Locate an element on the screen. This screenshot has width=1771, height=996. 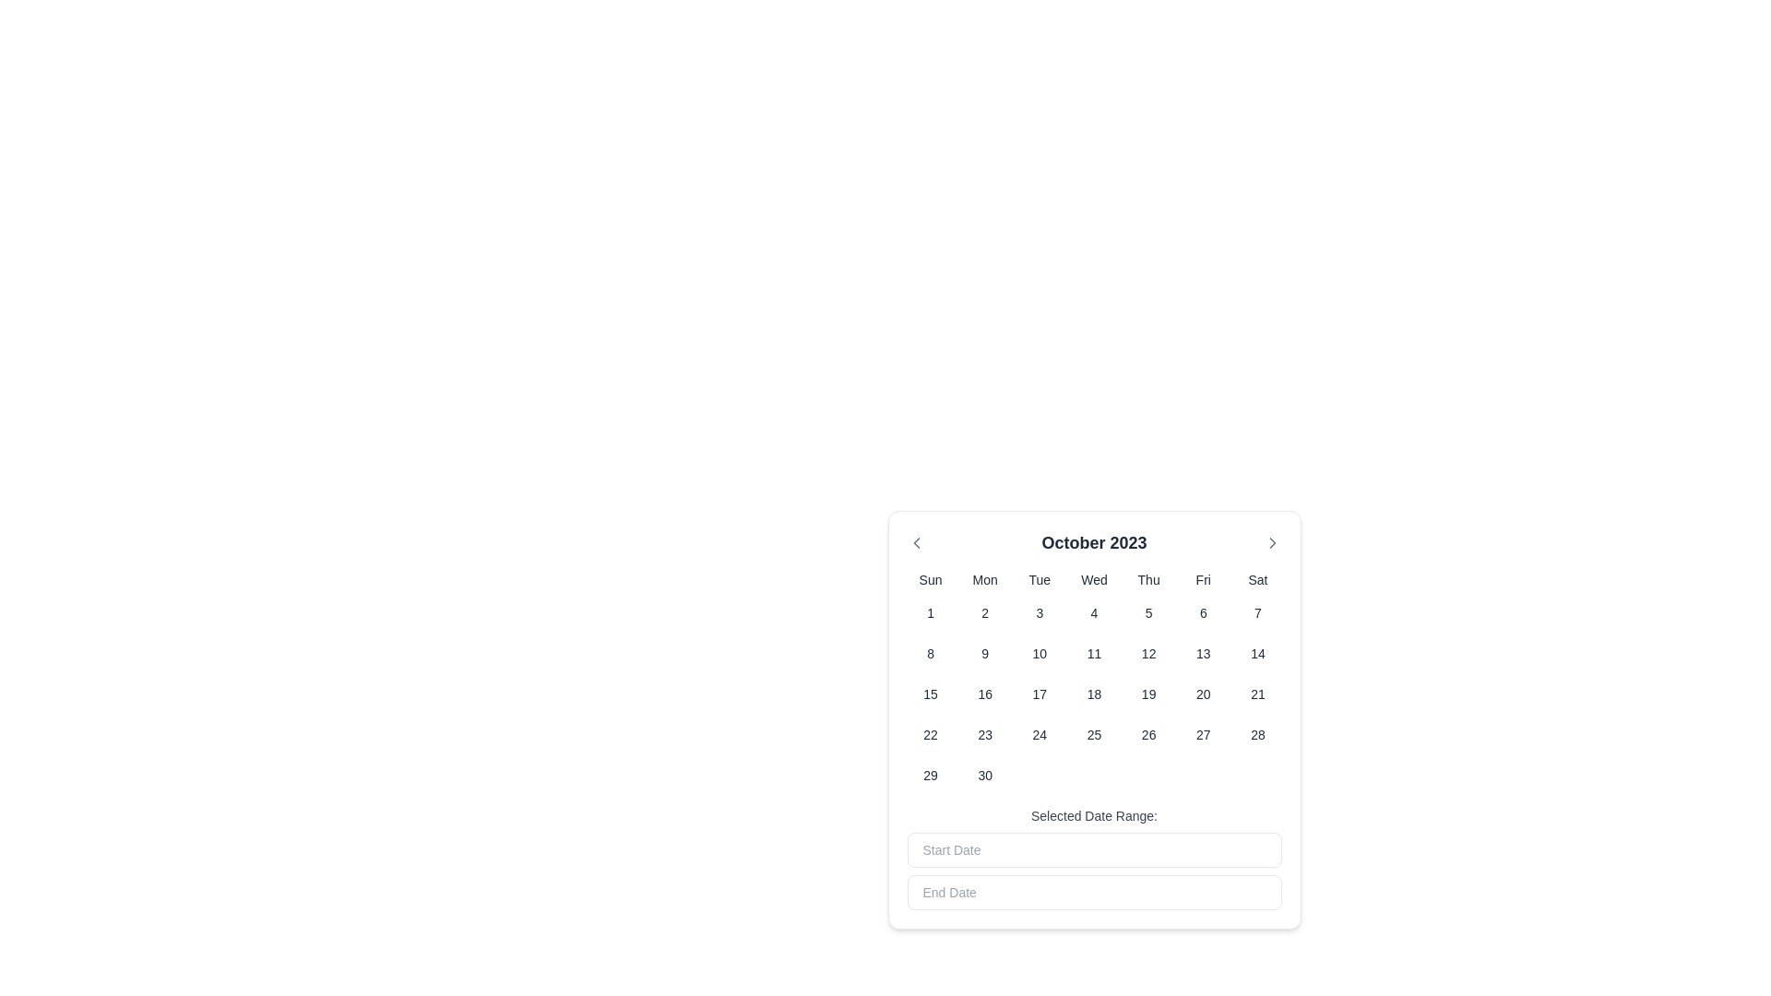
the selectable date '14' in the October 2023 calendar is located at coordinates (1256, 653).